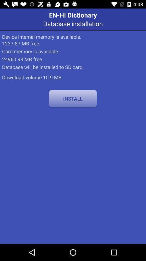  Describe the element at coordinates (73, 98) in the screenshot. I see `app below download volume 10 icon` at that location.